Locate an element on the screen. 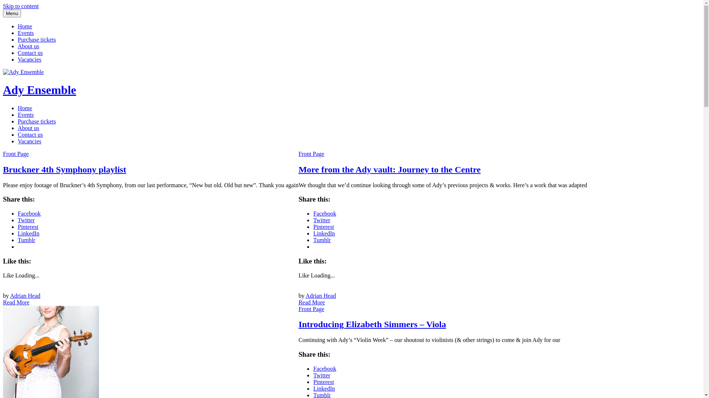 Image resolution: width=709 pixels, height=398 pixels. 'Read More' is located at coordinates (16, 302).